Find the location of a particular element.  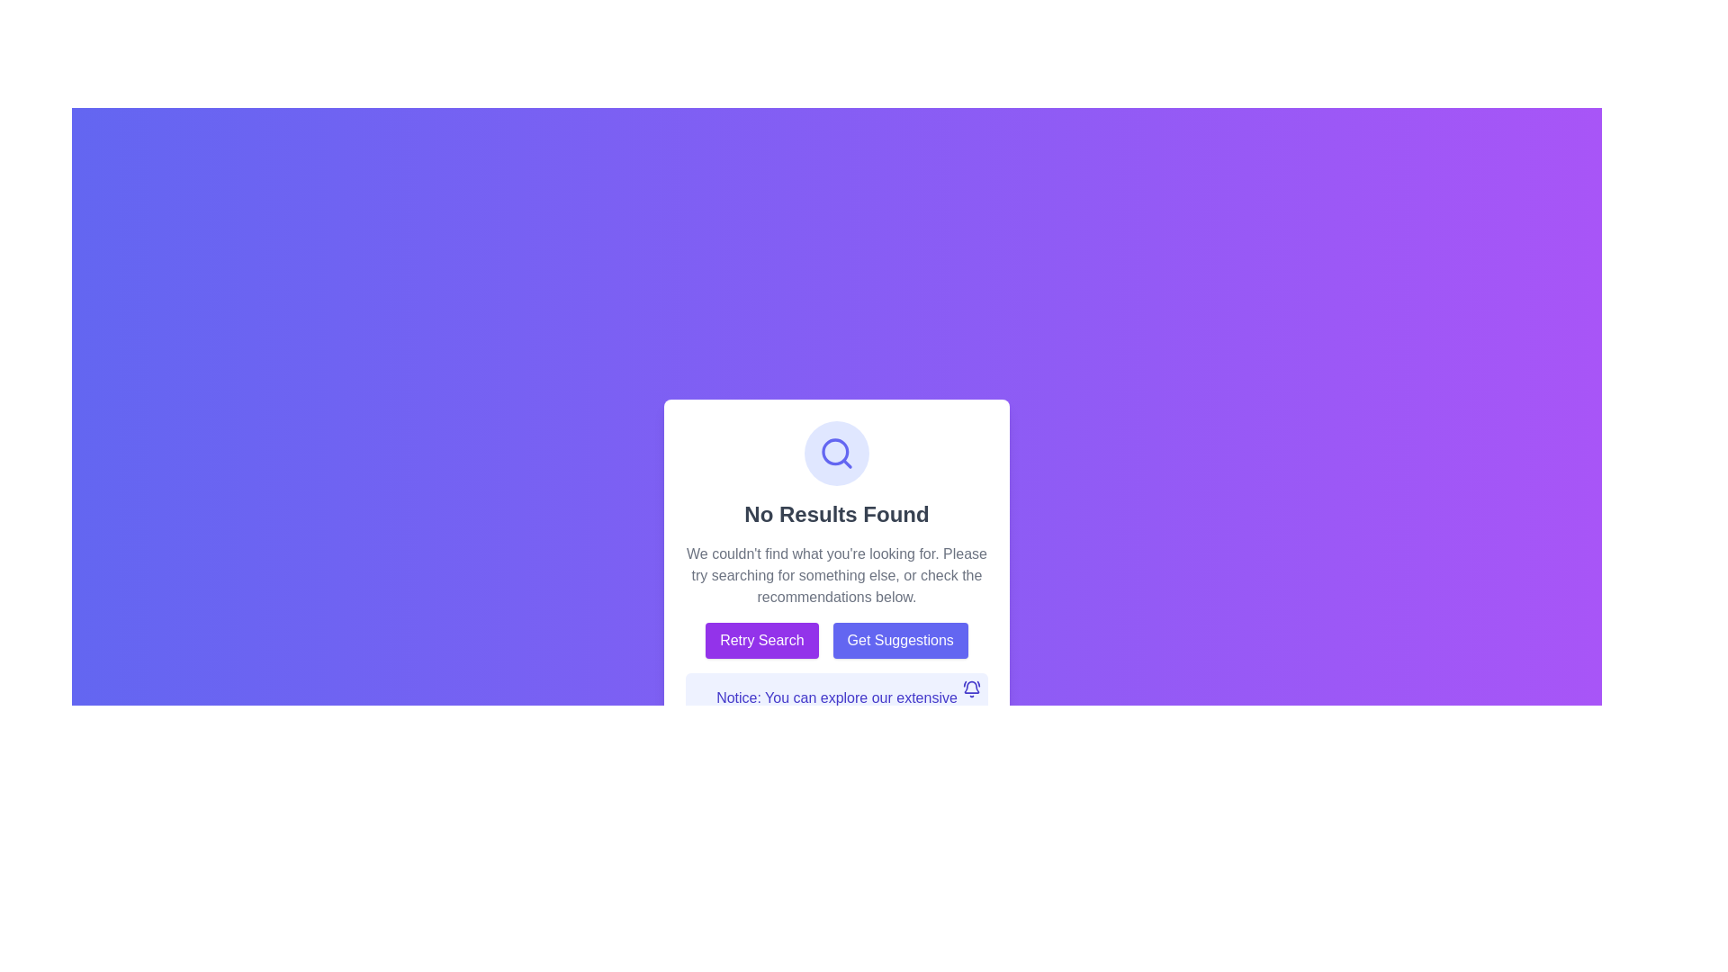

the 'Retry Search' button, which is a rectangular button with bold white text on a purple background, located at the bottom section of the central card is located at coordinates (761, 640).